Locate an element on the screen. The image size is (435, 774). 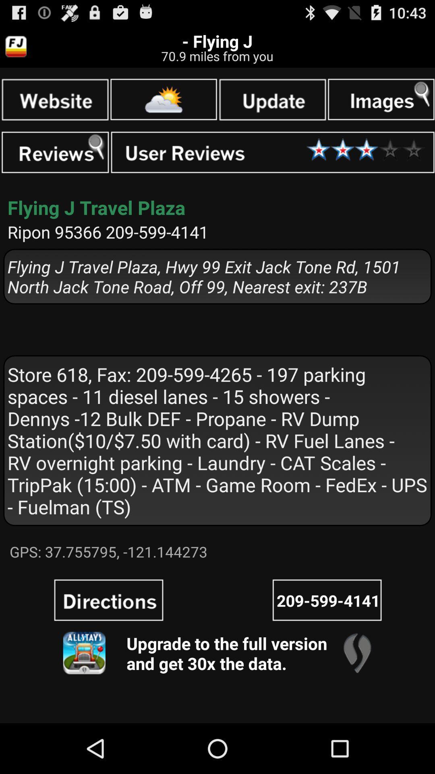
the location icon is located at coordinates (356, 698).